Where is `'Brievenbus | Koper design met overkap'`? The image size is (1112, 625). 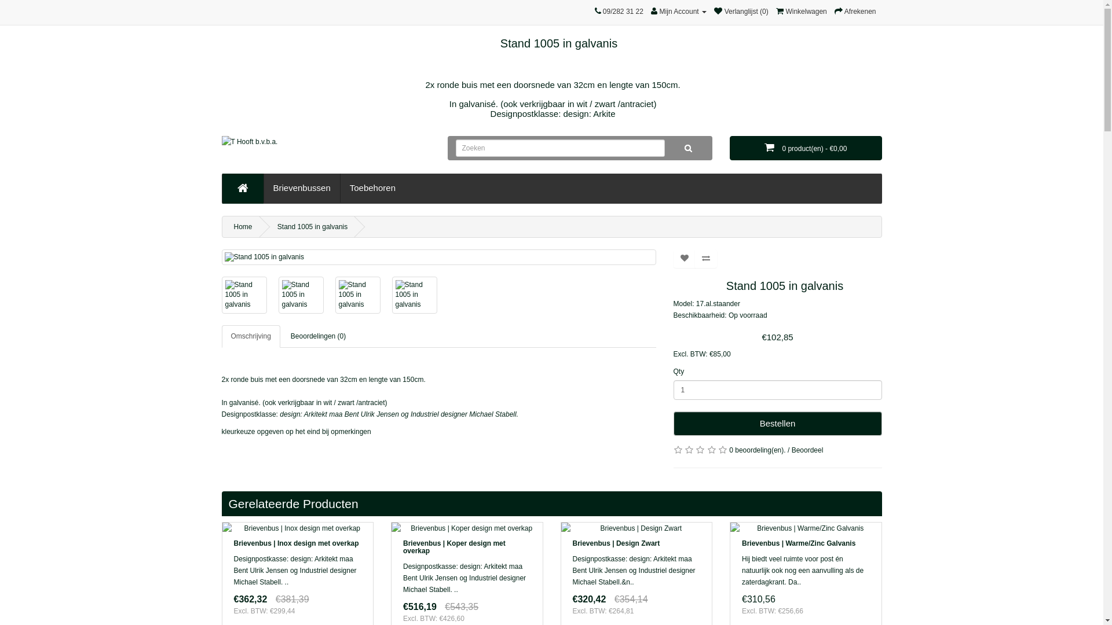 'Brievenbus | Koper design met overkap' is located at coordinates (467, 528).